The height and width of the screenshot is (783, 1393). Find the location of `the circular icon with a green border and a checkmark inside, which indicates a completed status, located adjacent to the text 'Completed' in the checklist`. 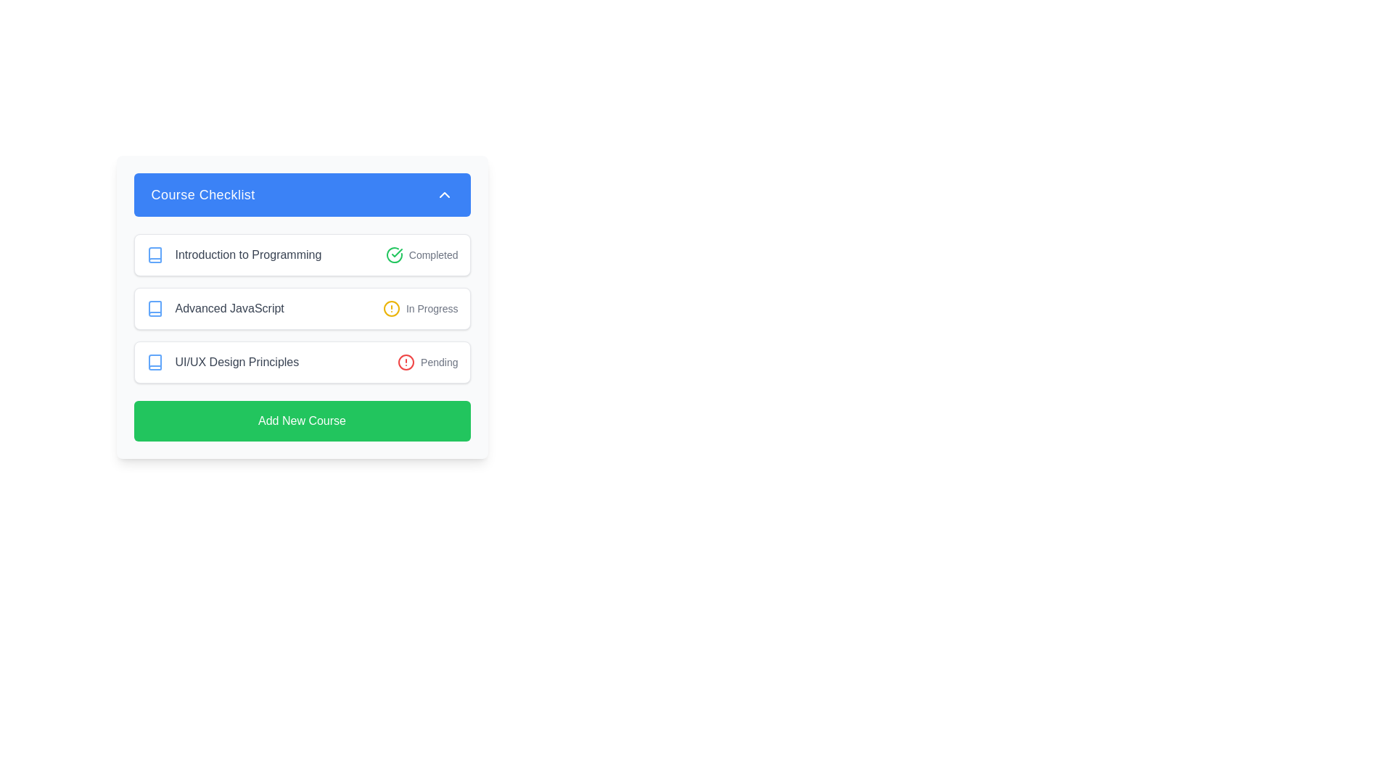

the circular icon with a green border and a checkmark inside, which indicates a completed status, located adjacent to the text 'Completed' in the checklist is located at coordinates (394, 254).